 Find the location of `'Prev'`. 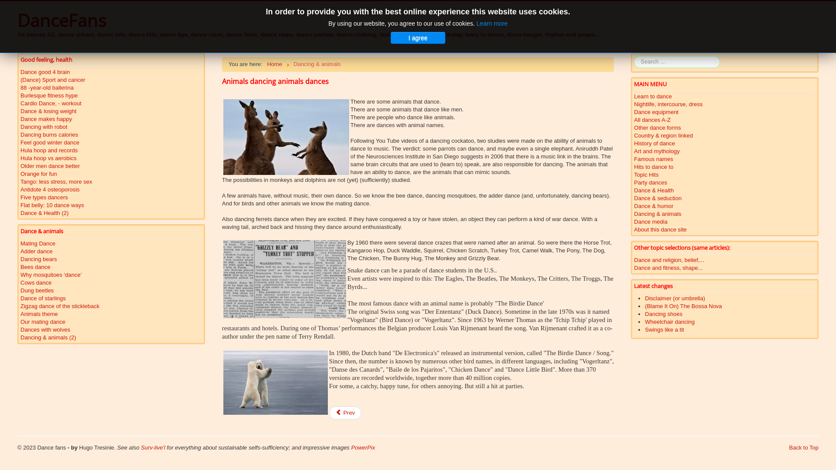

'Prev' is located at coordinates (344, 412).